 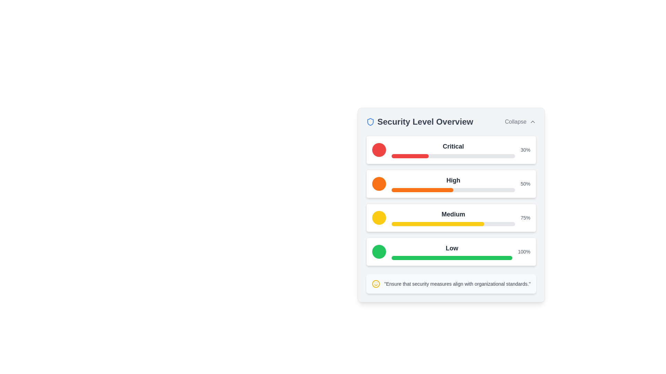 I want to click on the graphical circle SVG element that is part of the smiley face icon, located before the text 'Ensure that security measures align with organizational standards.', so click(x=376, y=284).